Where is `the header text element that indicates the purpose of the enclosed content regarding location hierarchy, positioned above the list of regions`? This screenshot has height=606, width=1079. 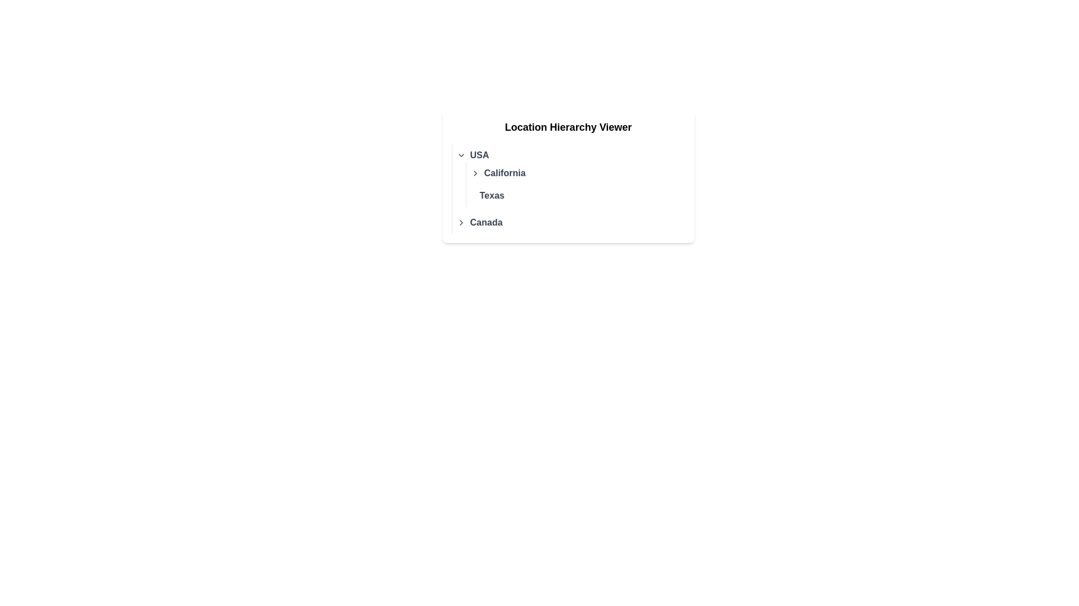 the header text element that indicates the purpose of the enclosed content regarding location hierarchy, positioned above the list of regions is located at coordinates (568, 127).